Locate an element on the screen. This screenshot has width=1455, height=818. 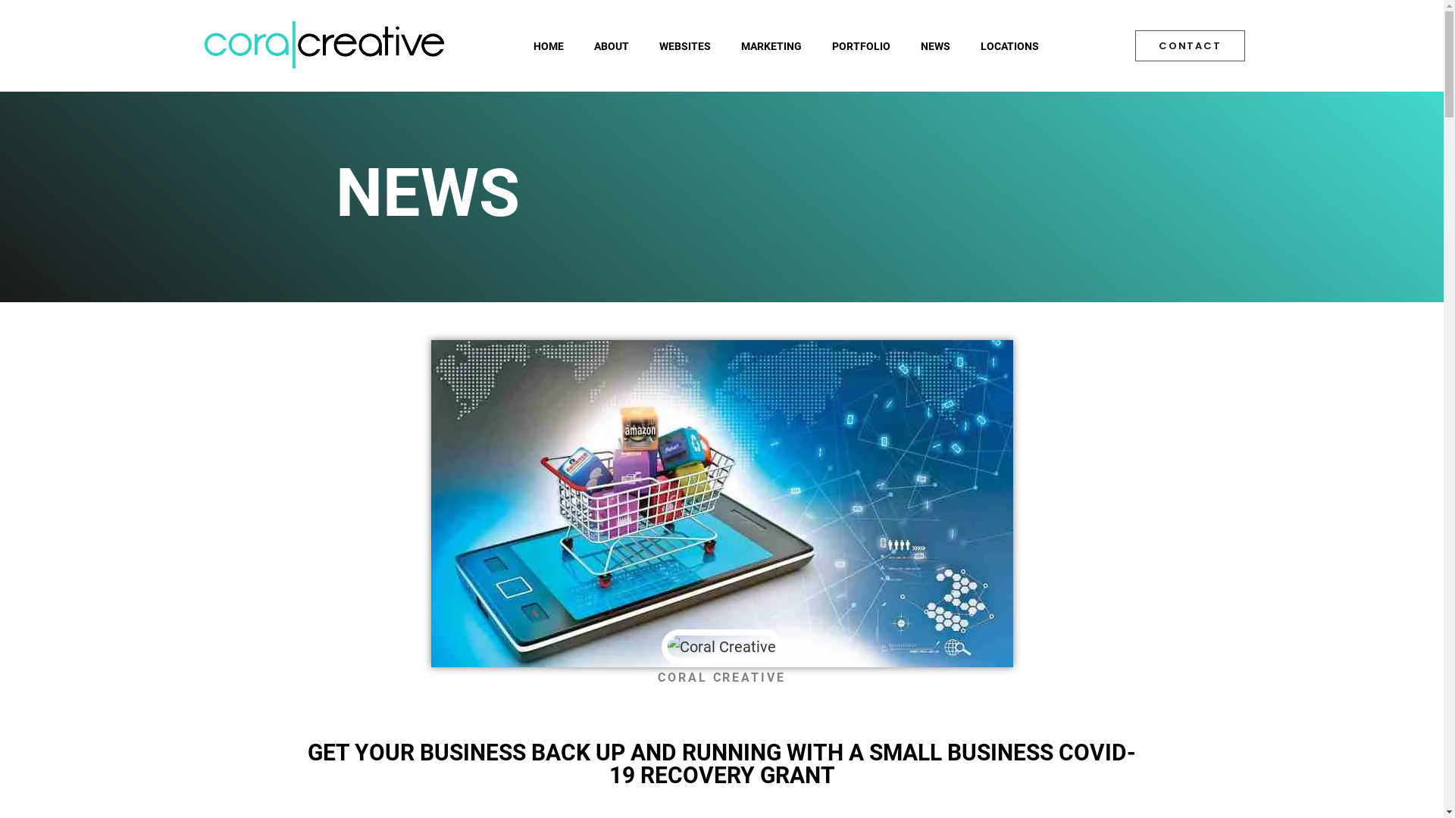
'WEBSITES' is located at coordinates (684, 45).